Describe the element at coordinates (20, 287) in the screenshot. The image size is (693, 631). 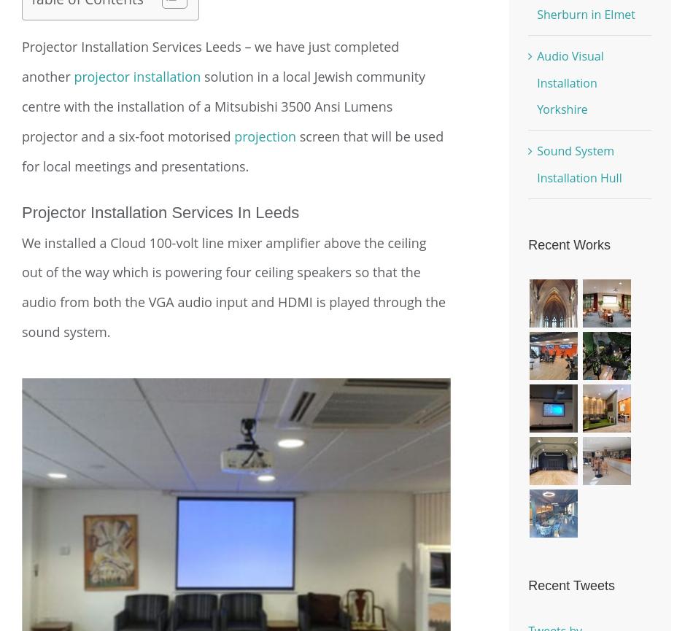
I see `'We installed a Cloud 100-volt line mixer amplifier above the ceiling out of the way which is powering four ceiling speakers so that the audio from both the VGA audio input and HDMI is played through the sound system.'` at that location.